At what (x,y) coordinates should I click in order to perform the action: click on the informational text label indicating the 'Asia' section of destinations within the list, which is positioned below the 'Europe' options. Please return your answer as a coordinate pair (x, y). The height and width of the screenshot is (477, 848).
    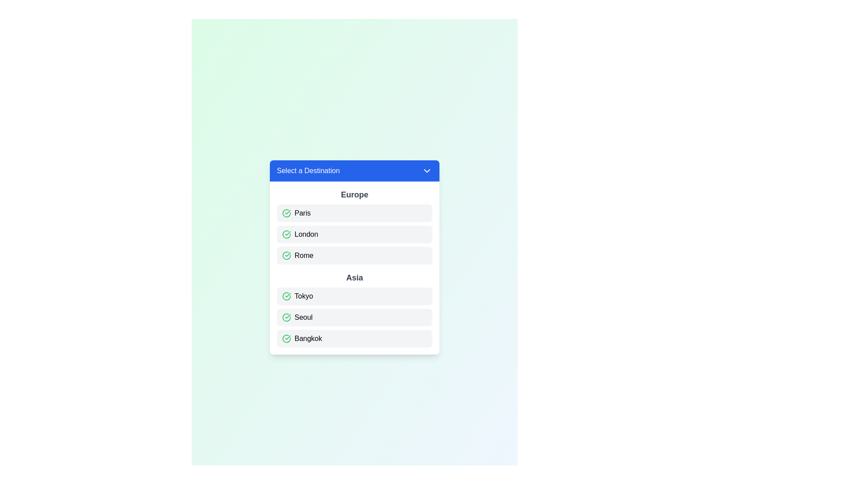
    Looking at the image, I should click on (354, 277).